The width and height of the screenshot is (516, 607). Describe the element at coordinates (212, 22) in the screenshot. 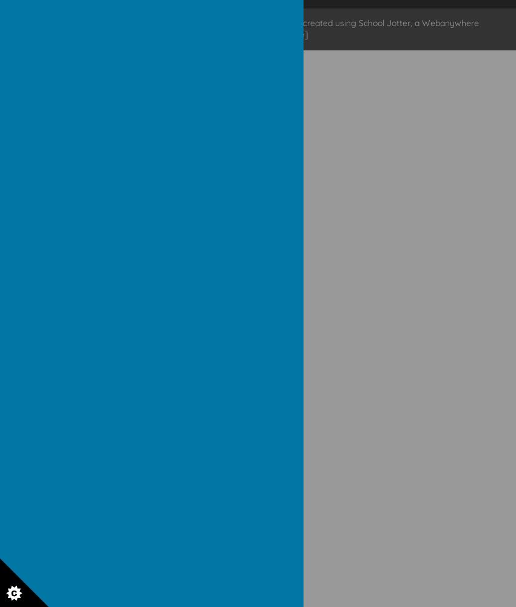

I see `'.'` at that location.